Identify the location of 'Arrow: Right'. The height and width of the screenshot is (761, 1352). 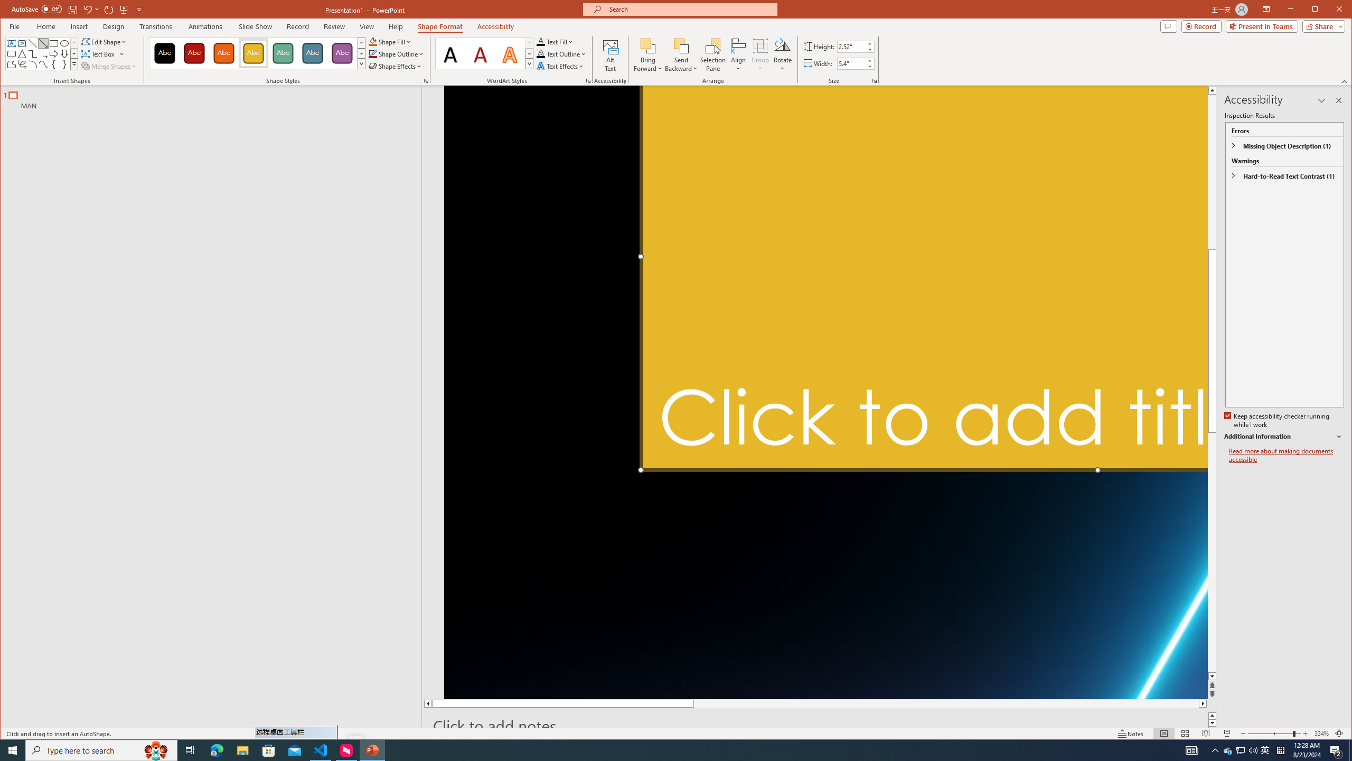
(53, 54).